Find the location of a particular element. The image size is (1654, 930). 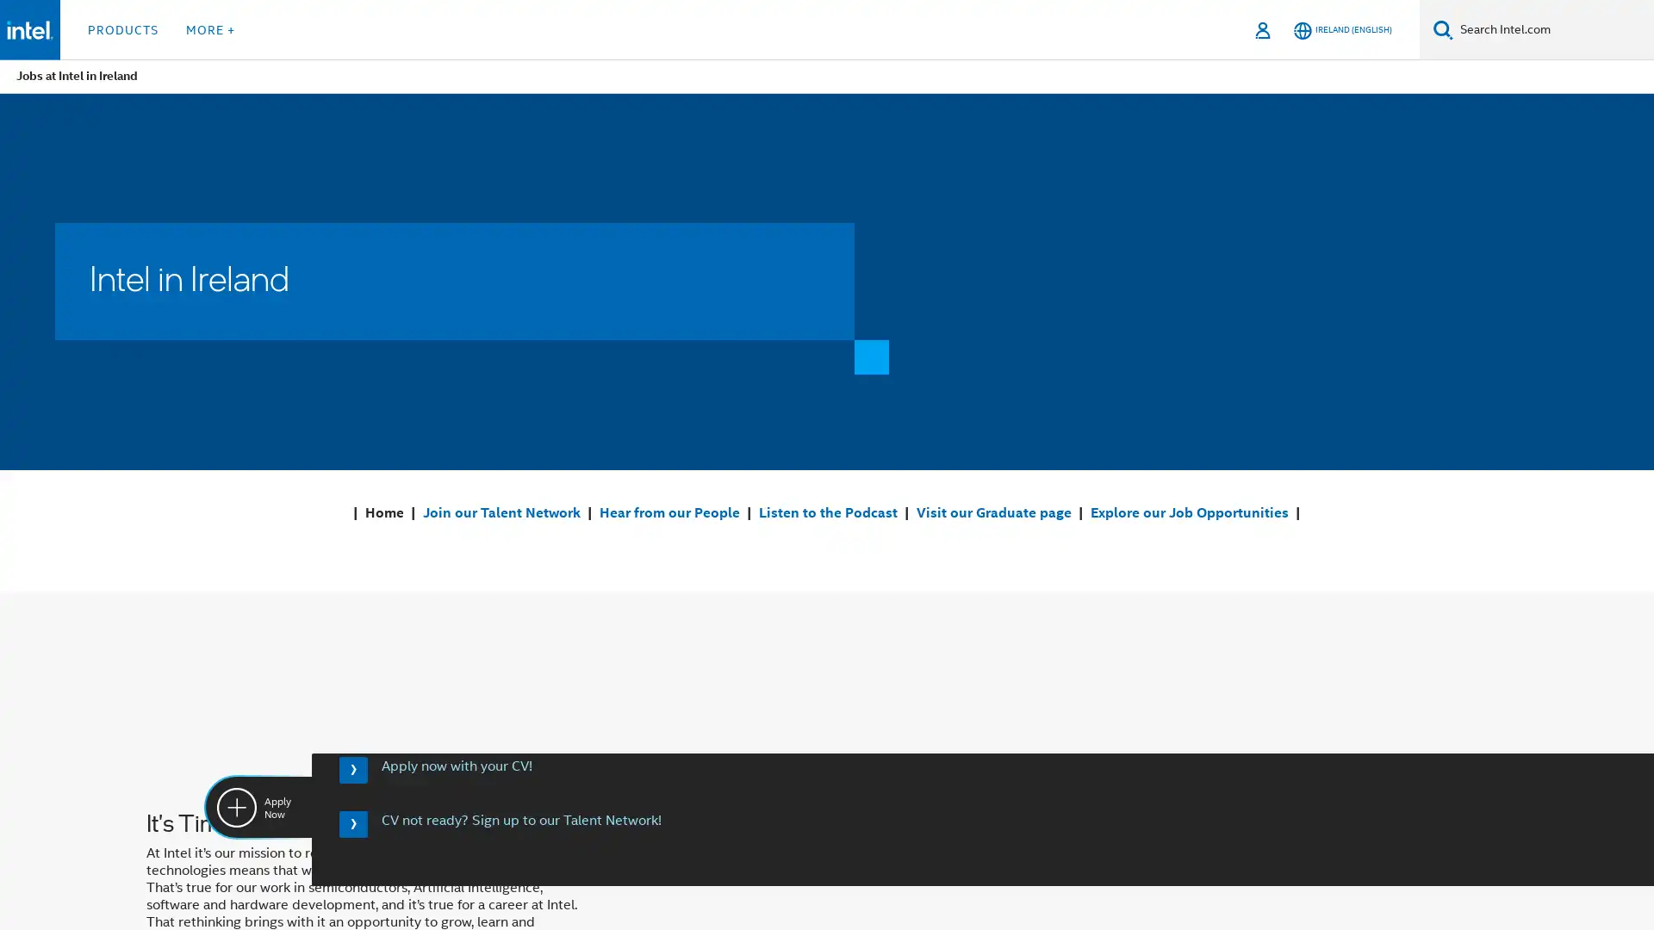

Activate Cookies is located at coordinates (1188, 879).